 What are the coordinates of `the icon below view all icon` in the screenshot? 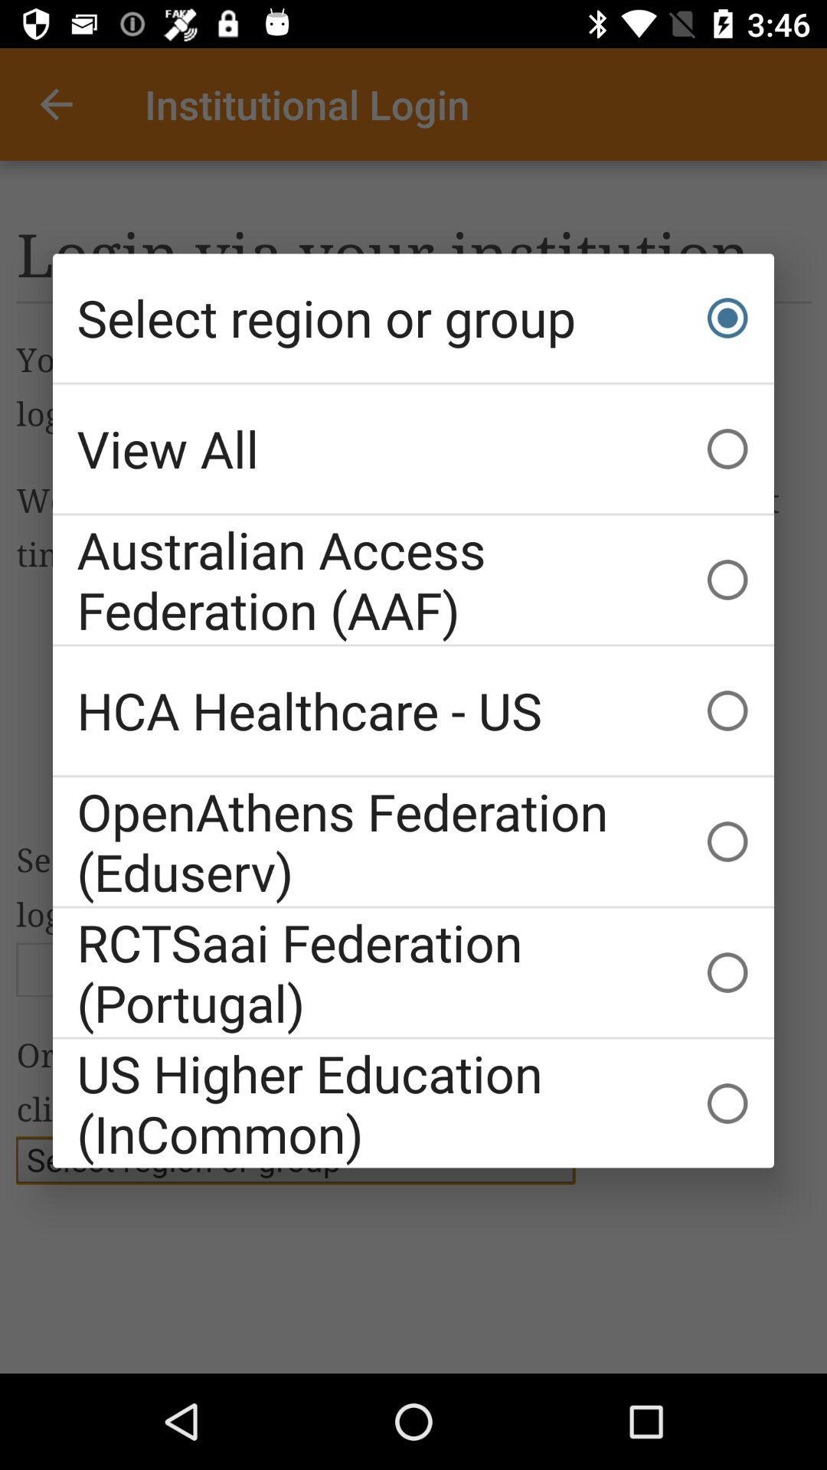 It's located at (413, 579).